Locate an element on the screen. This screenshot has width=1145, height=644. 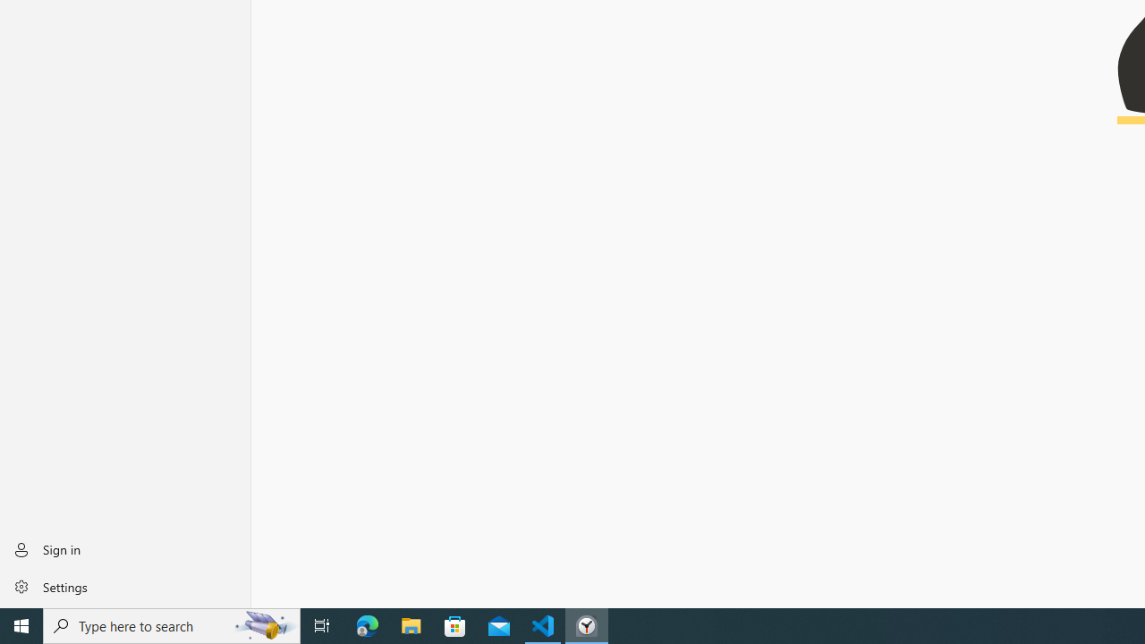
'Type here to search' is located at coordinates (172, 624).